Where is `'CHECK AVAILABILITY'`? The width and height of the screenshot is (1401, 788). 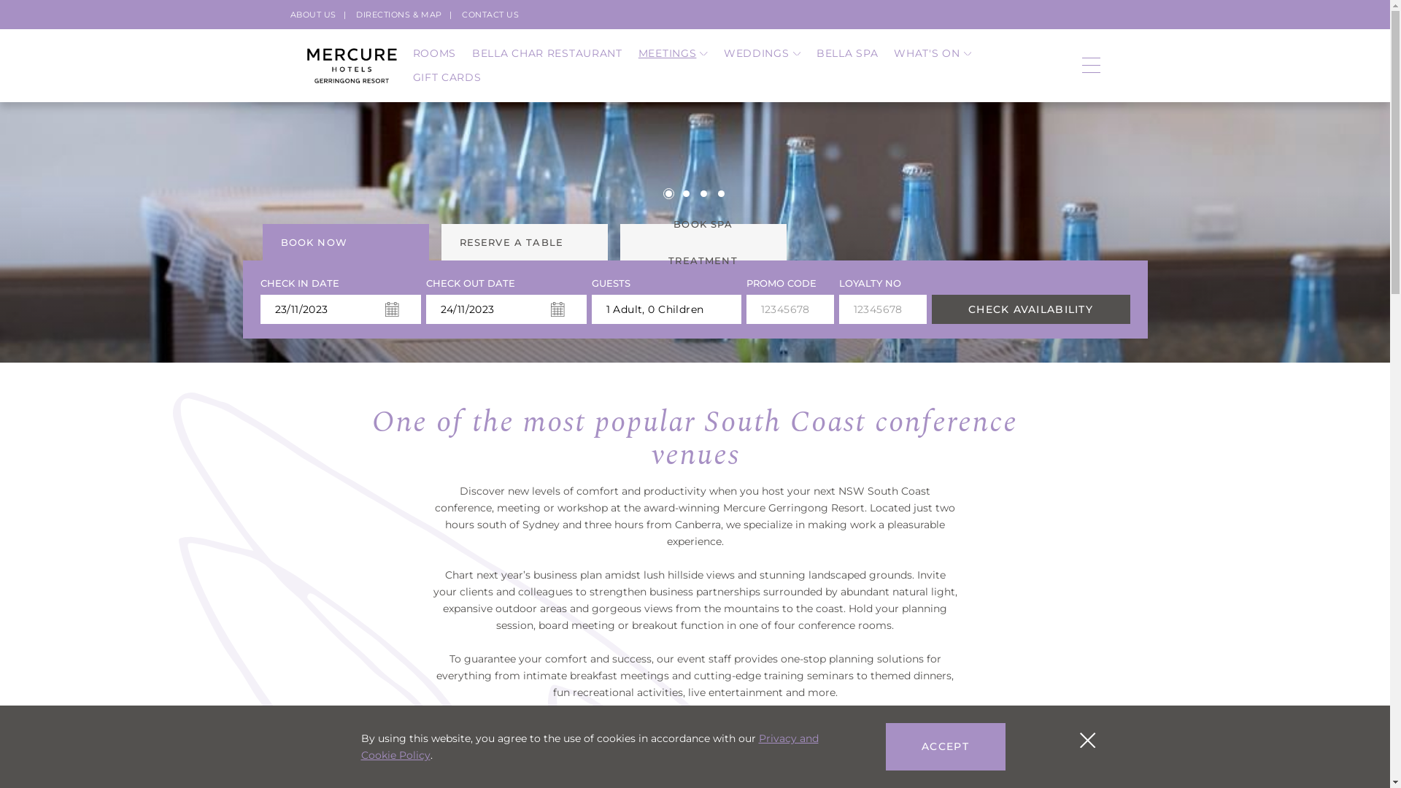
'CHECK AVAILABILITY' is located at coordinates (1029, 309).